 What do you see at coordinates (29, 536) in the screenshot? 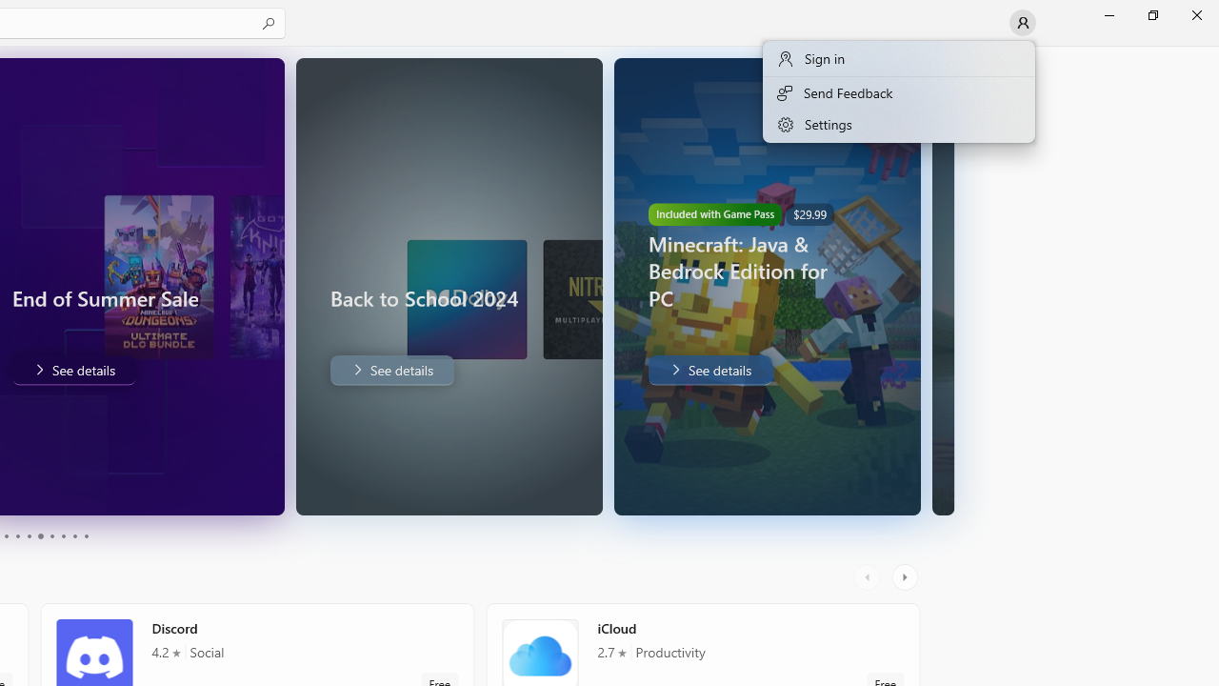
I see `'Page 5'` at bounding box center [29, 536].